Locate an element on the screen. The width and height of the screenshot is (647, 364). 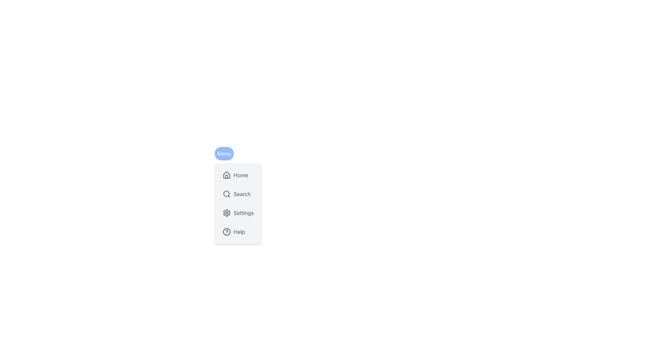
the circular 'Help' menu icon represented by an SVG graphic component, which serves as a visual representation of the 'Help' option in the menu is located at coordinates (227, 231).